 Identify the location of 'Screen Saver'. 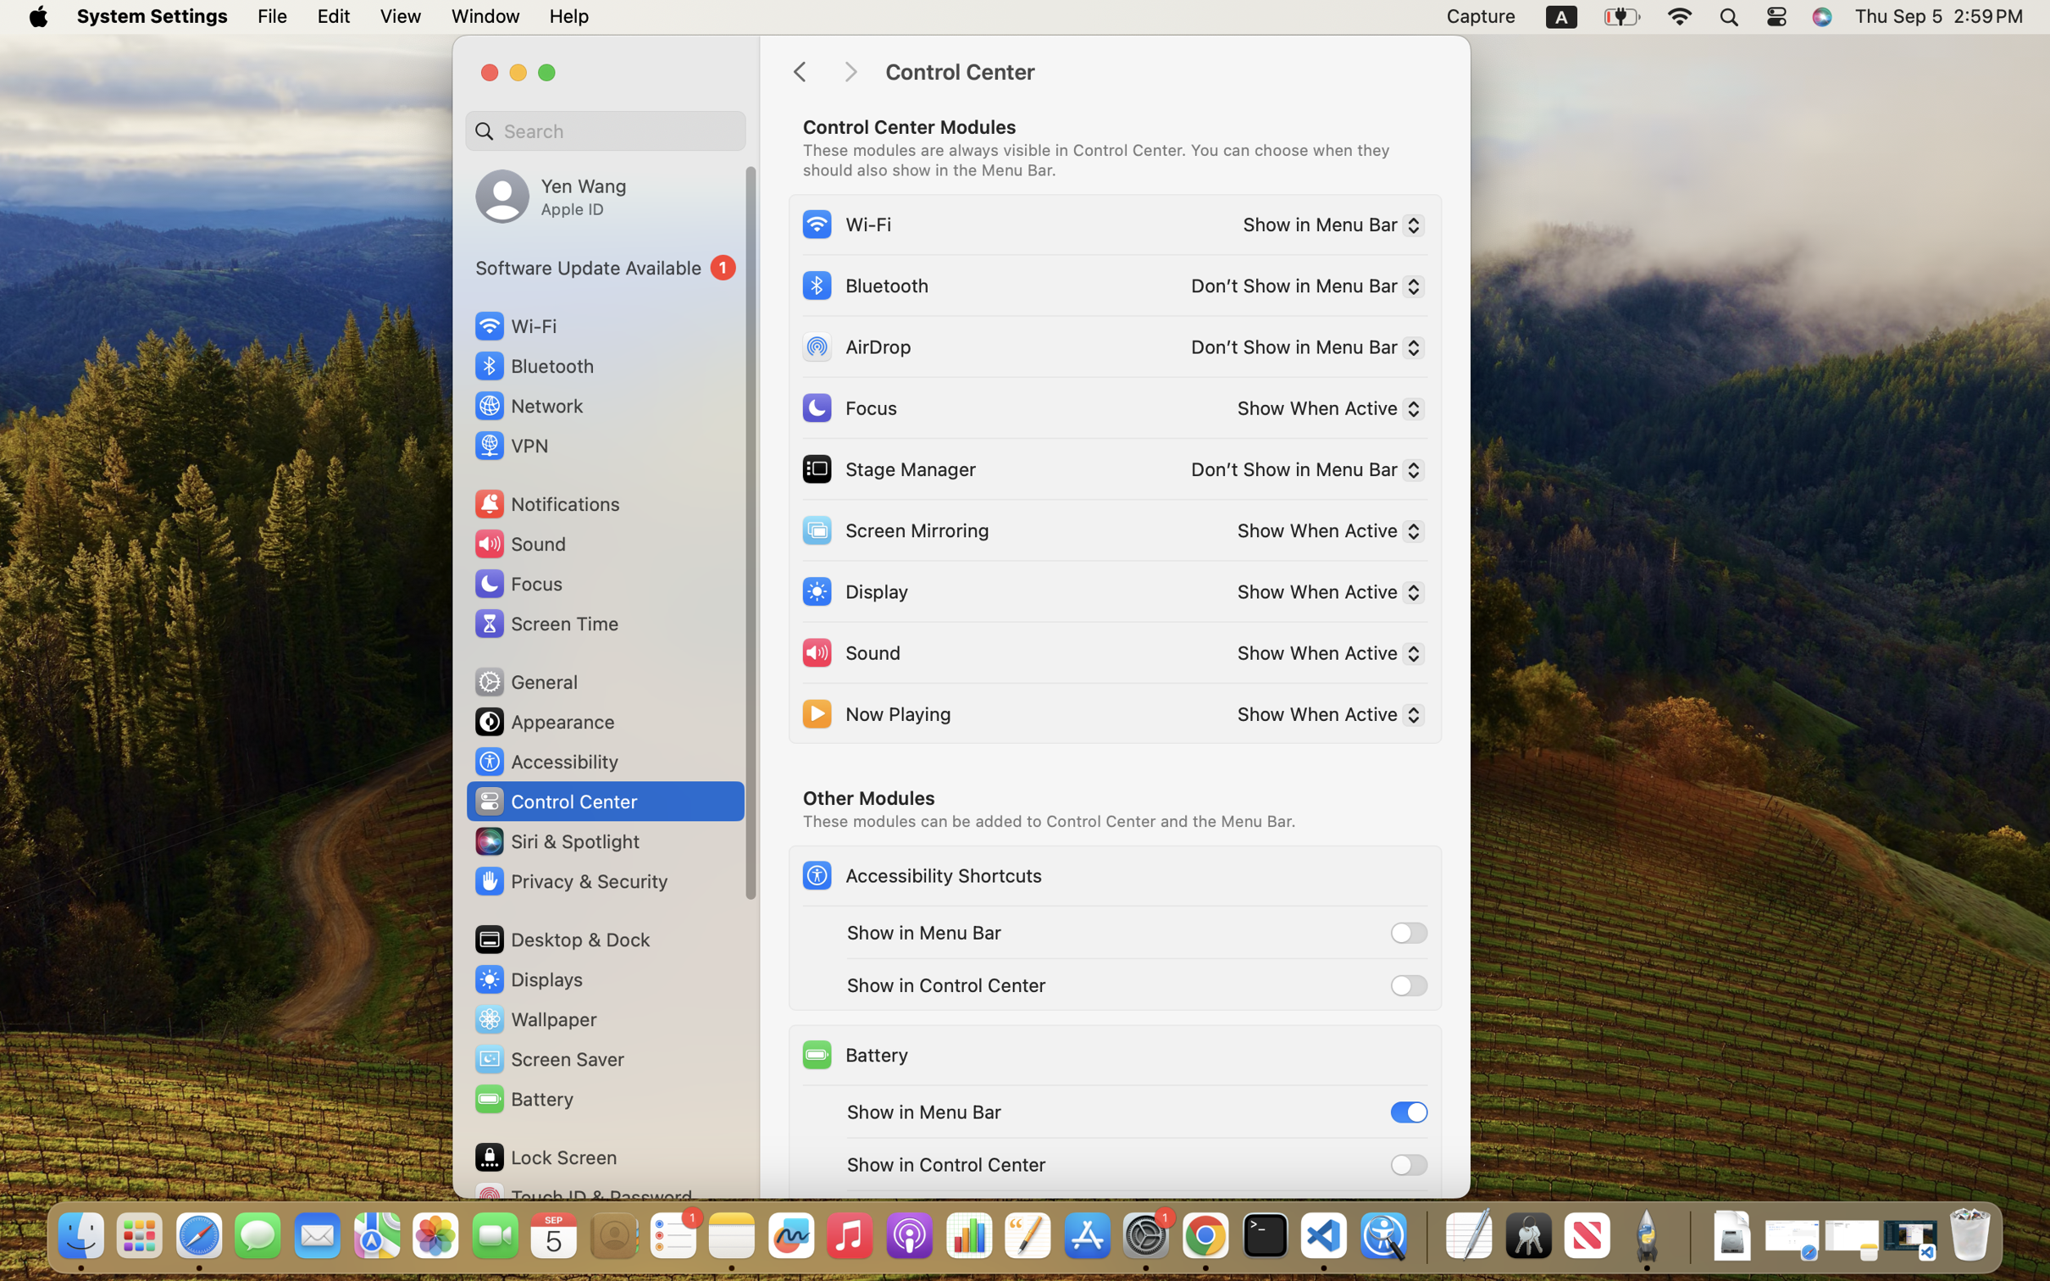
(547, 1059).